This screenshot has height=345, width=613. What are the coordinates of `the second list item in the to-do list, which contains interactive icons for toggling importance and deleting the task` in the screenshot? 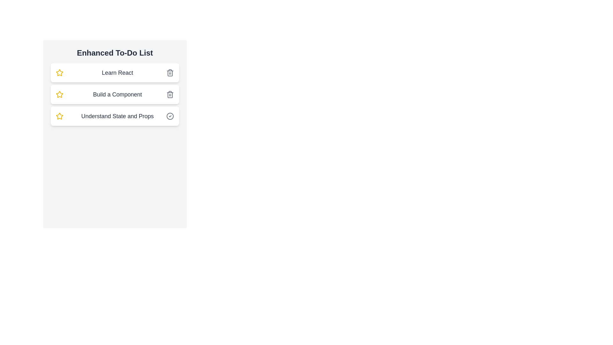 It's located at (115, 95).